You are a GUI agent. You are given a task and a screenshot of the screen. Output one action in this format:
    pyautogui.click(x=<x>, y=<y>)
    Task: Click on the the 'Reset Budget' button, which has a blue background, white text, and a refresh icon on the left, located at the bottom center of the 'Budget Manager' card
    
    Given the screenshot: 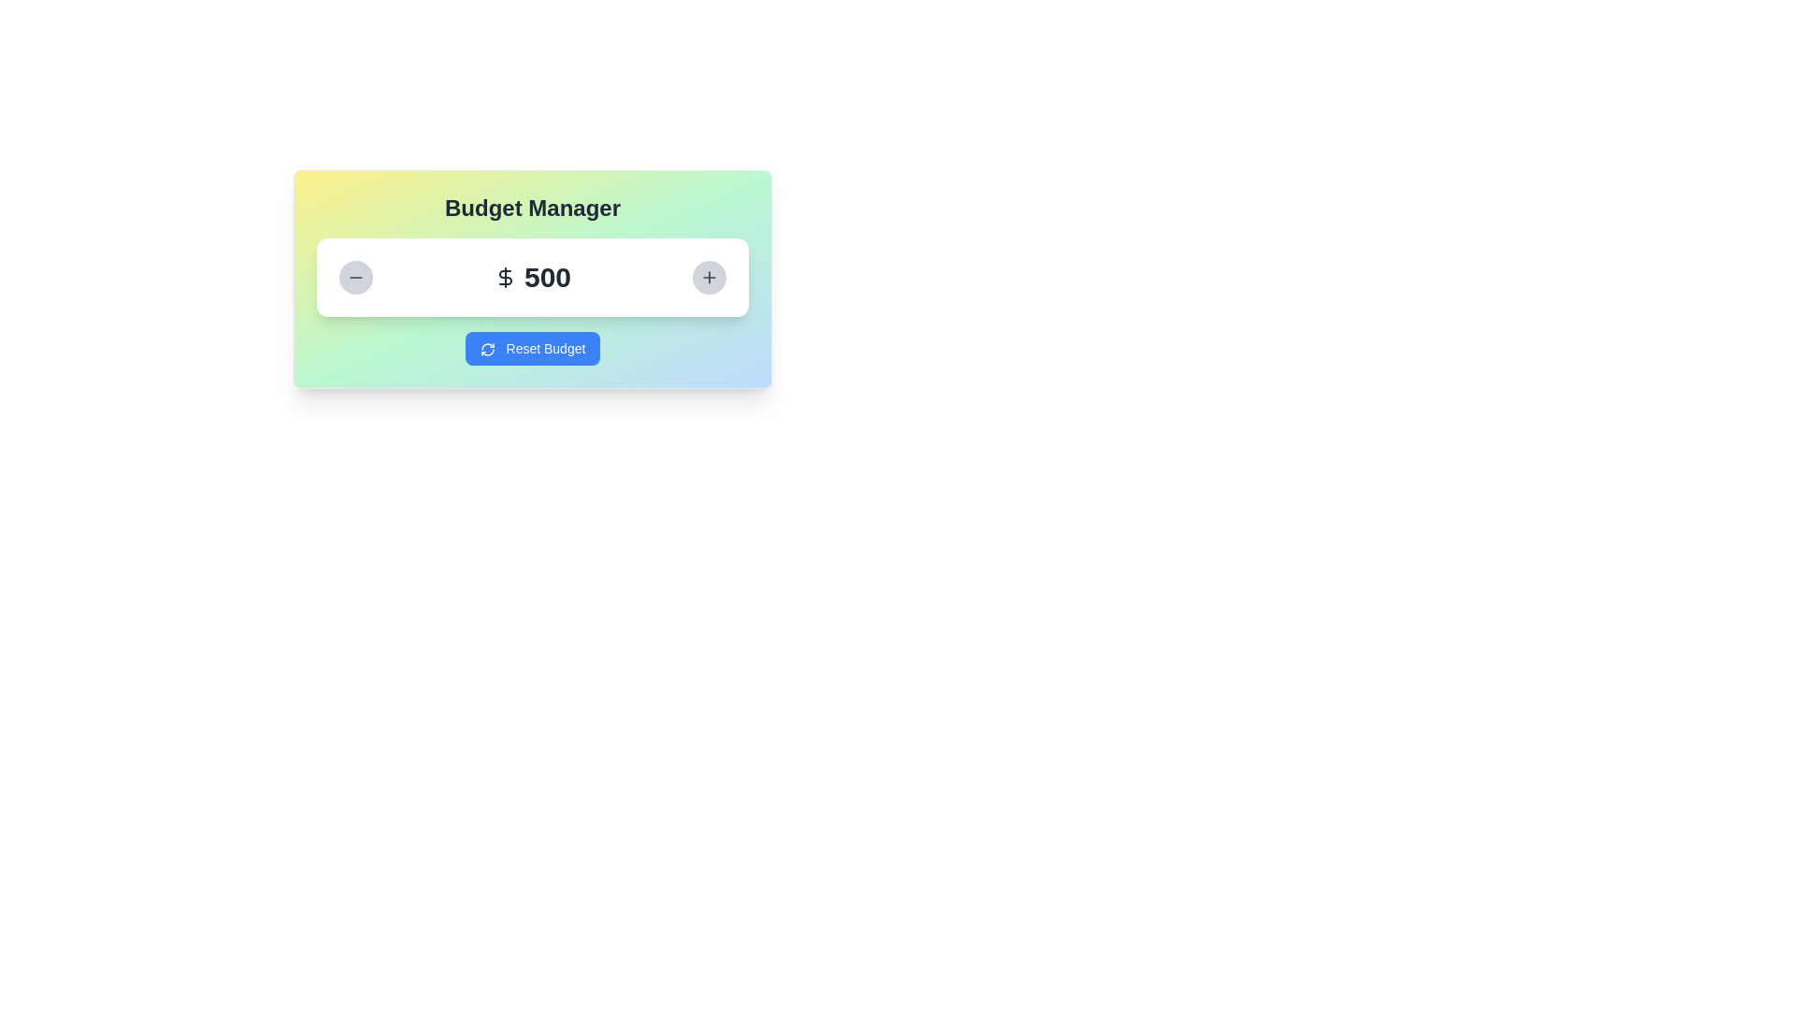 What is the action you would take?
    pyautogui.click(x=532, y=349)
    